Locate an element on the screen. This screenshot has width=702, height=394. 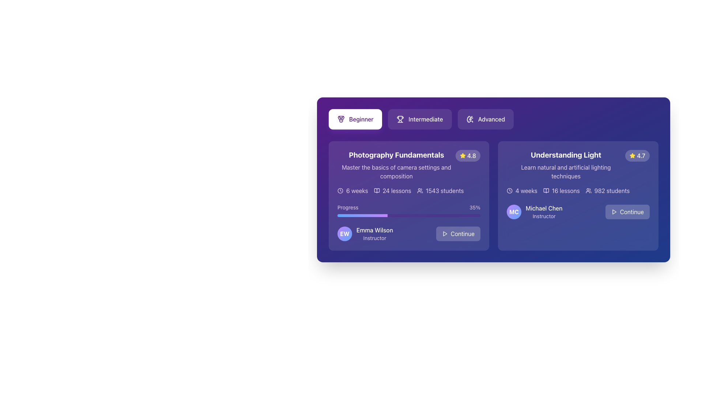
the static text label displaying '1543 students' in light purple, part of the 'Photography Fundamentals' course card, located on the left-hand side of the course section is located at coordinates (444, 190).